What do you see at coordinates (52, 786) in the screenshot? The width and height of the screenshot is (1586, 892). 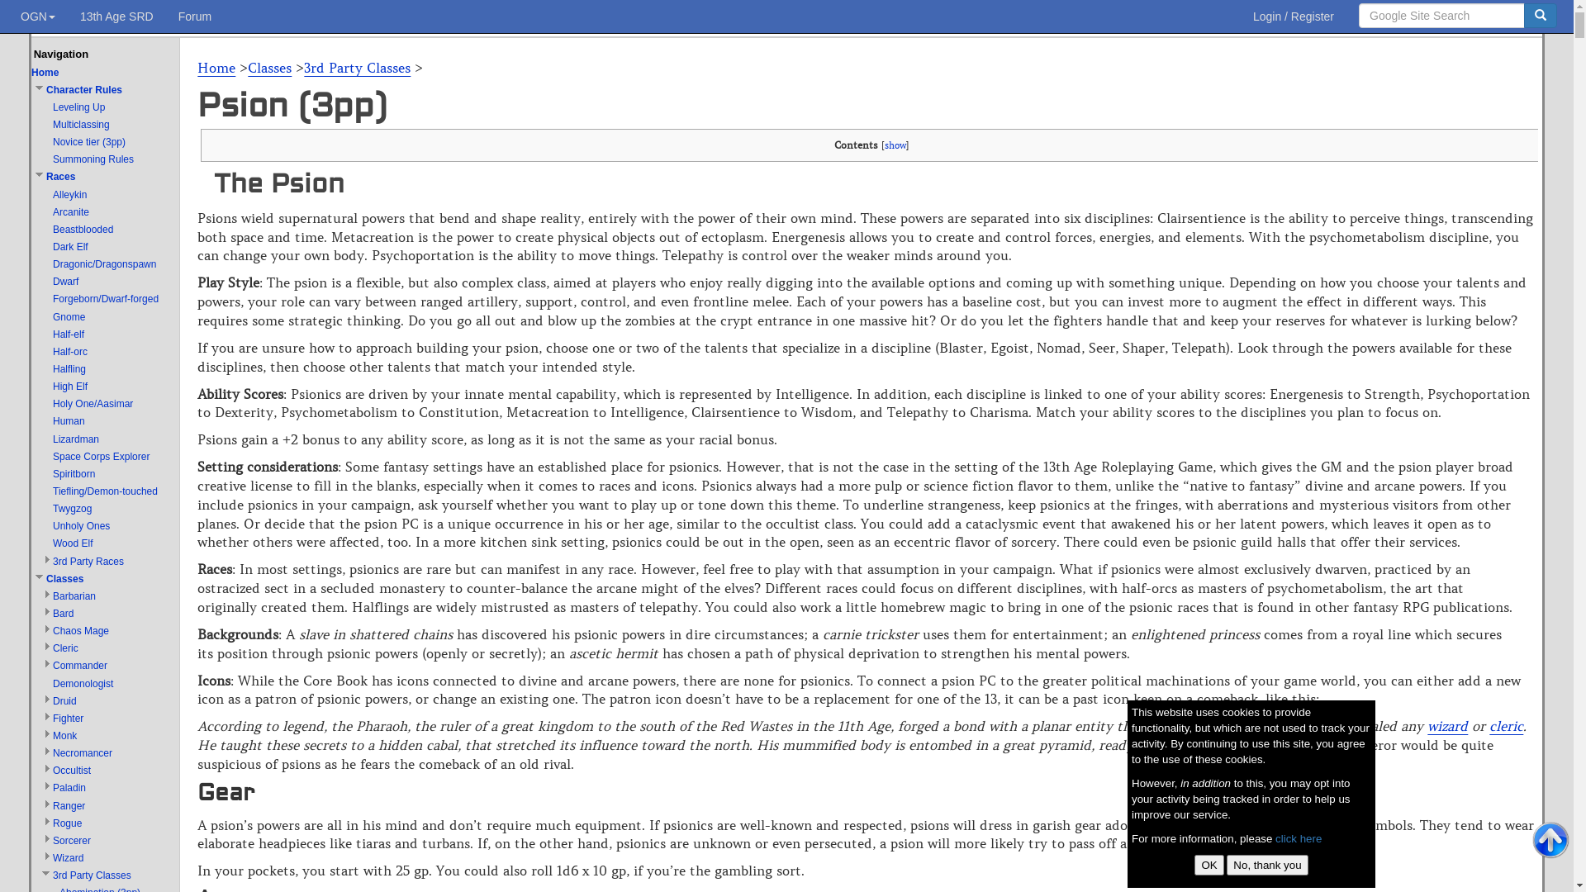 I see `'Paladin'` at bounding box center [52, 786].